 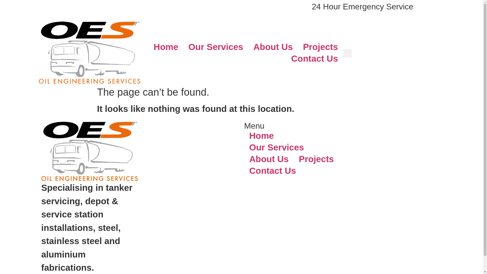 I want to click on 'Projects', so click(x=320, y=47).